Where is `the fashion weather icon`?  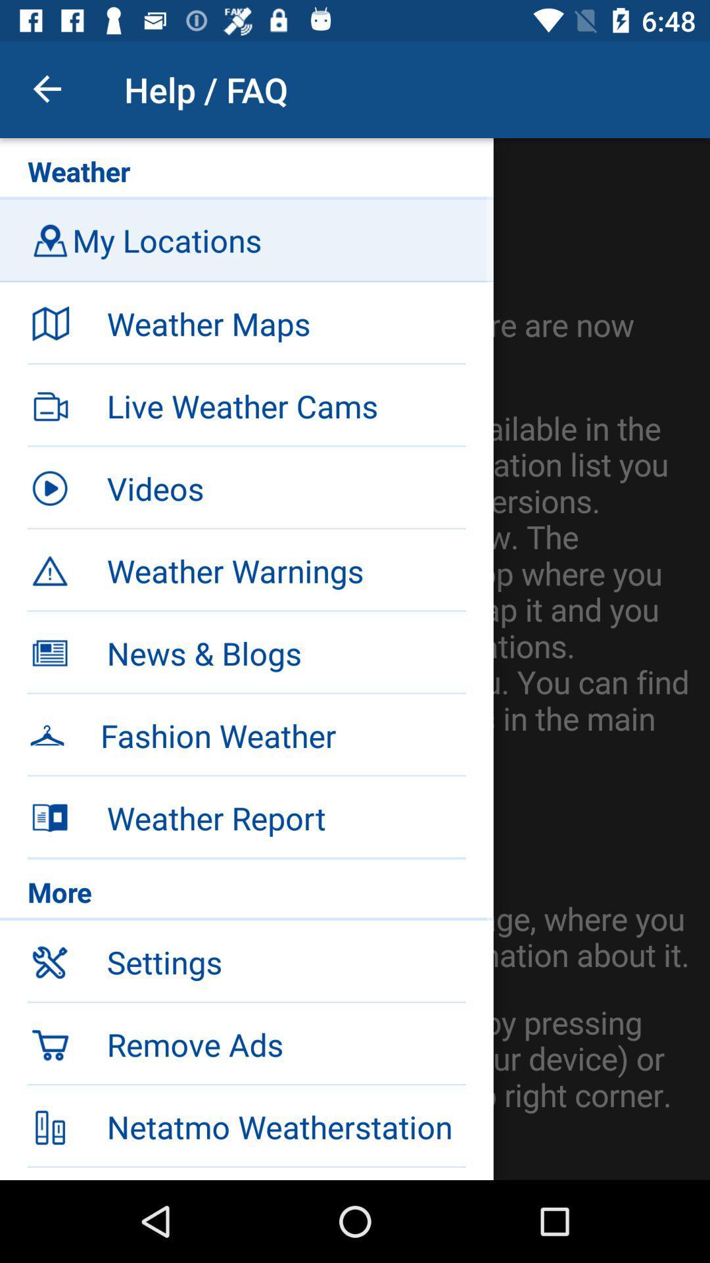 the fashion weather icon is located at coordinates (282, 735).